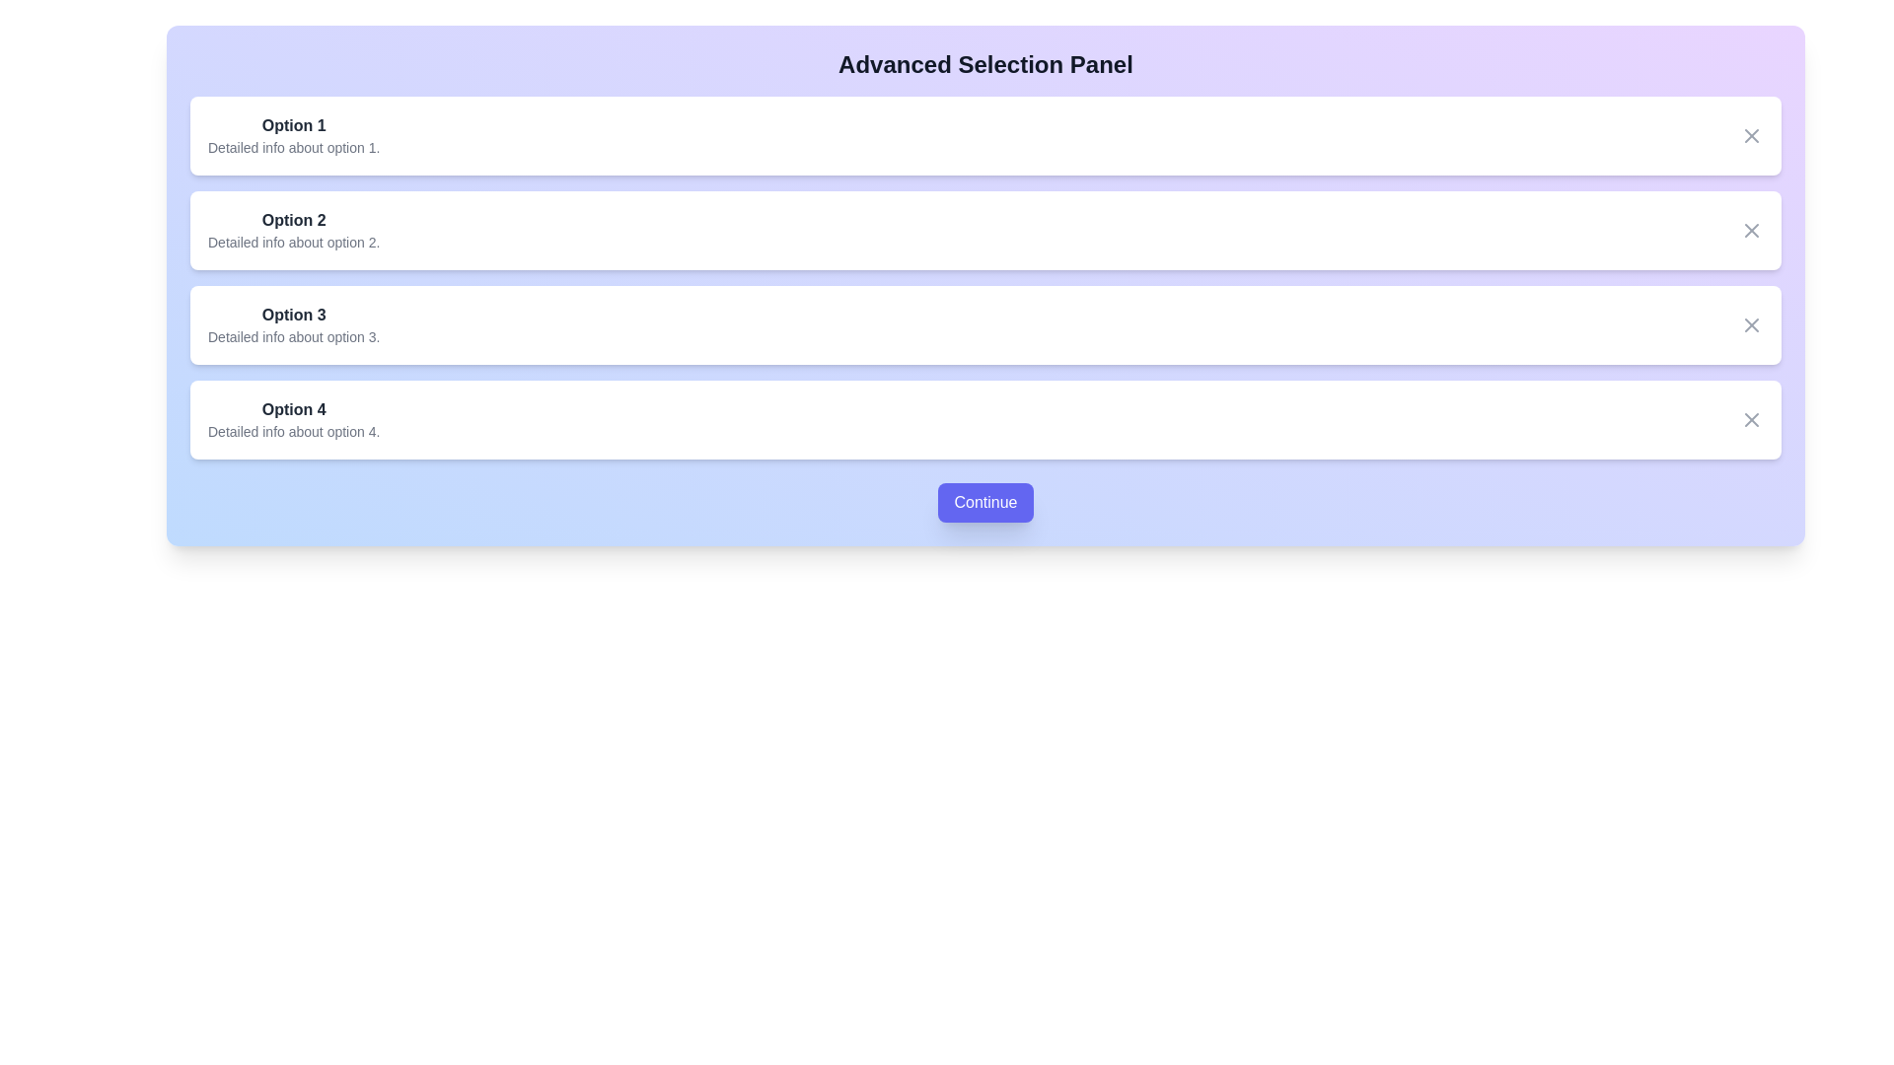 This screenshot has height=1065, width=1894. What do you see at coordinates (1752, 418) in the screenshot?
I see `the Close button represented by an 'X' icon located at the far-right end of the fourth option's row` at bounding box center [1752, 418].